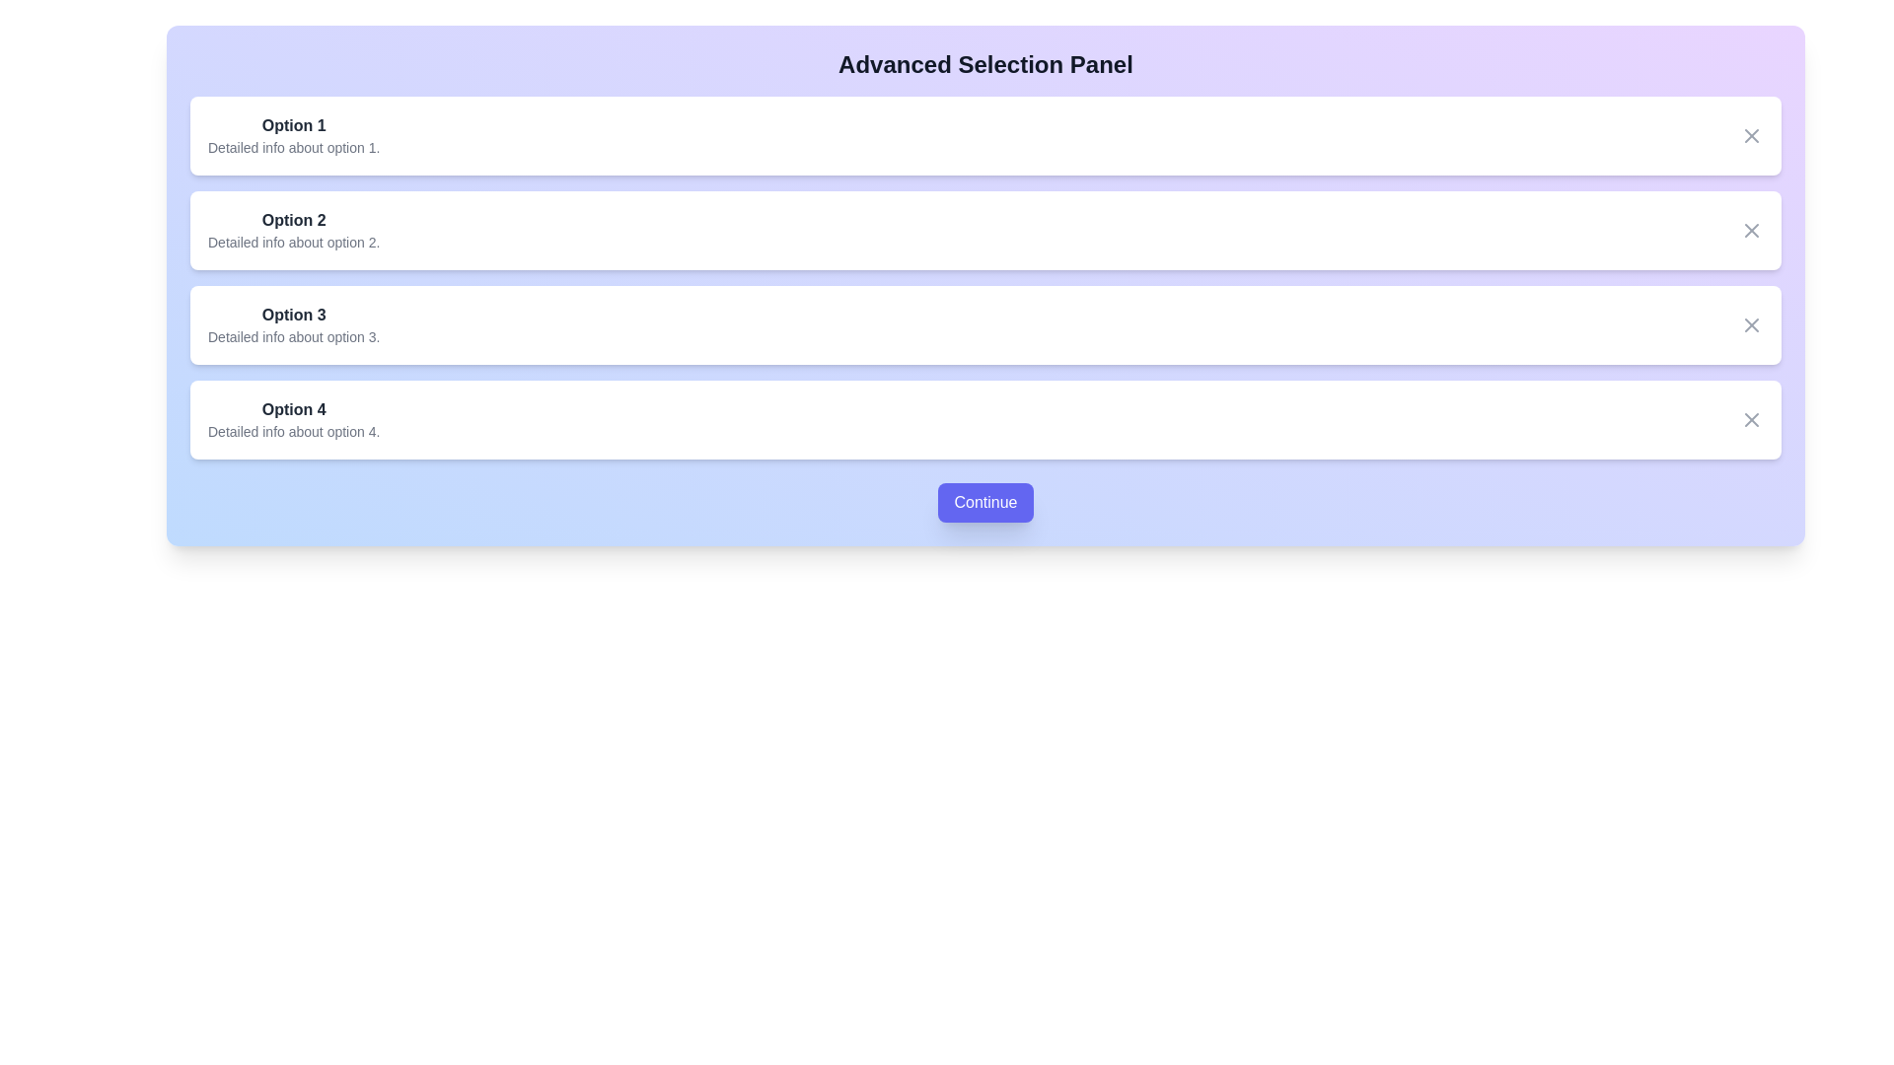 This screenshot has height=1065, width=1894. What do you see at coordinates (1752, 418) in the screenshot?
I see `the Close button represented by an 'X' icon located at the far-right end of the fourth option's row` at bounding box center [1752, 418].